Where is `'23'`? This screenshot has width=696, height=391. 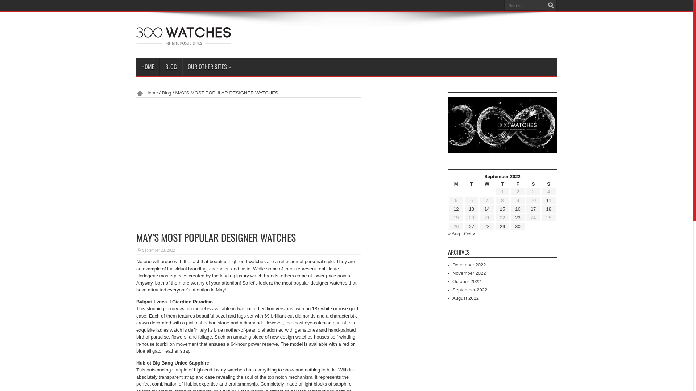 '23' is located at coordinates (514, 217).